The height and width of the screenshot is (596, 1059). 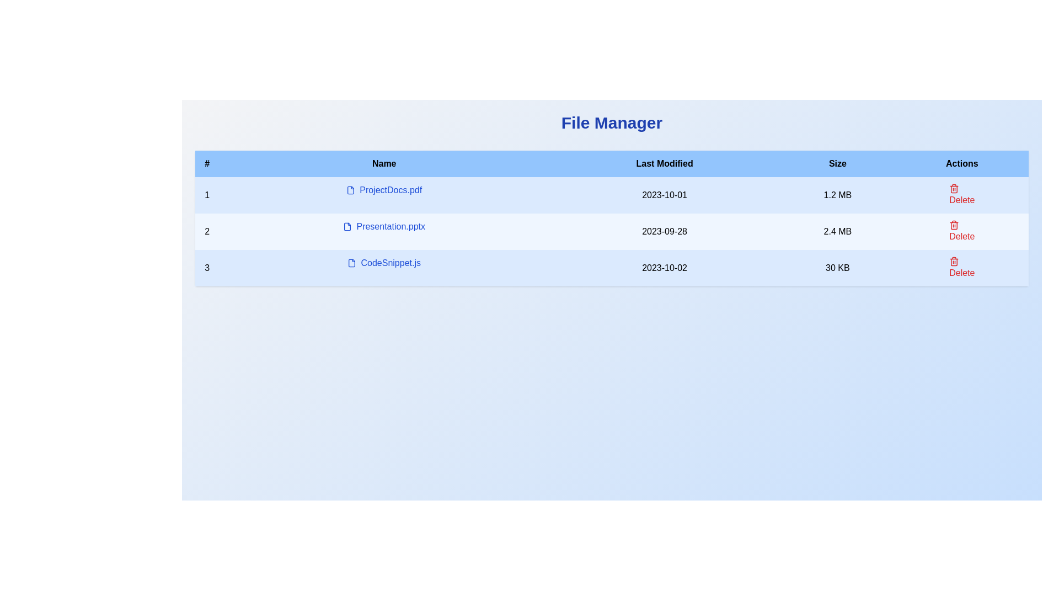 I want to click on the delete icon in the 'Actions' column of the 'File Manager' application, located next to 'CodeSnippet.js', to potentially reveal a tooltip, so click(x=954, y=262).